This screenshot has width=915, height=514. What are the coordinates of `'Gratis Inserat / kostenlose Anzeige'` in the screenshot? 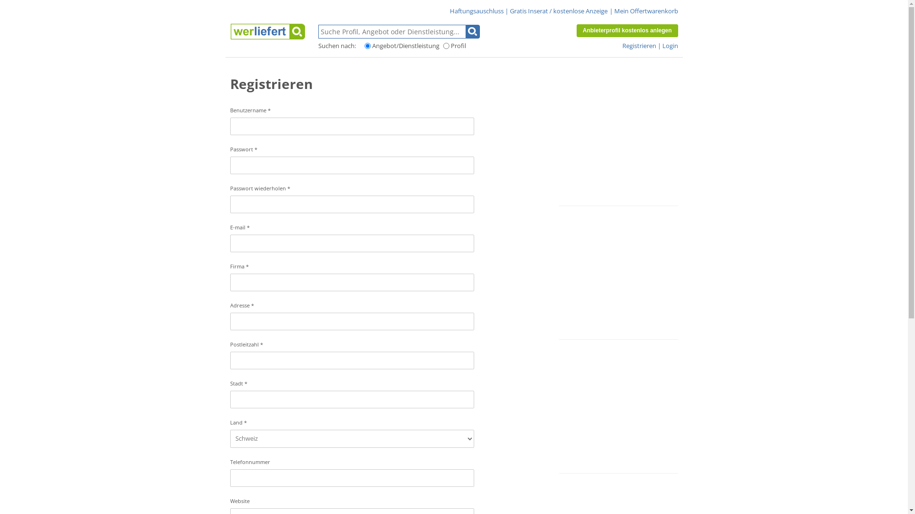 It's located at (509, 11).